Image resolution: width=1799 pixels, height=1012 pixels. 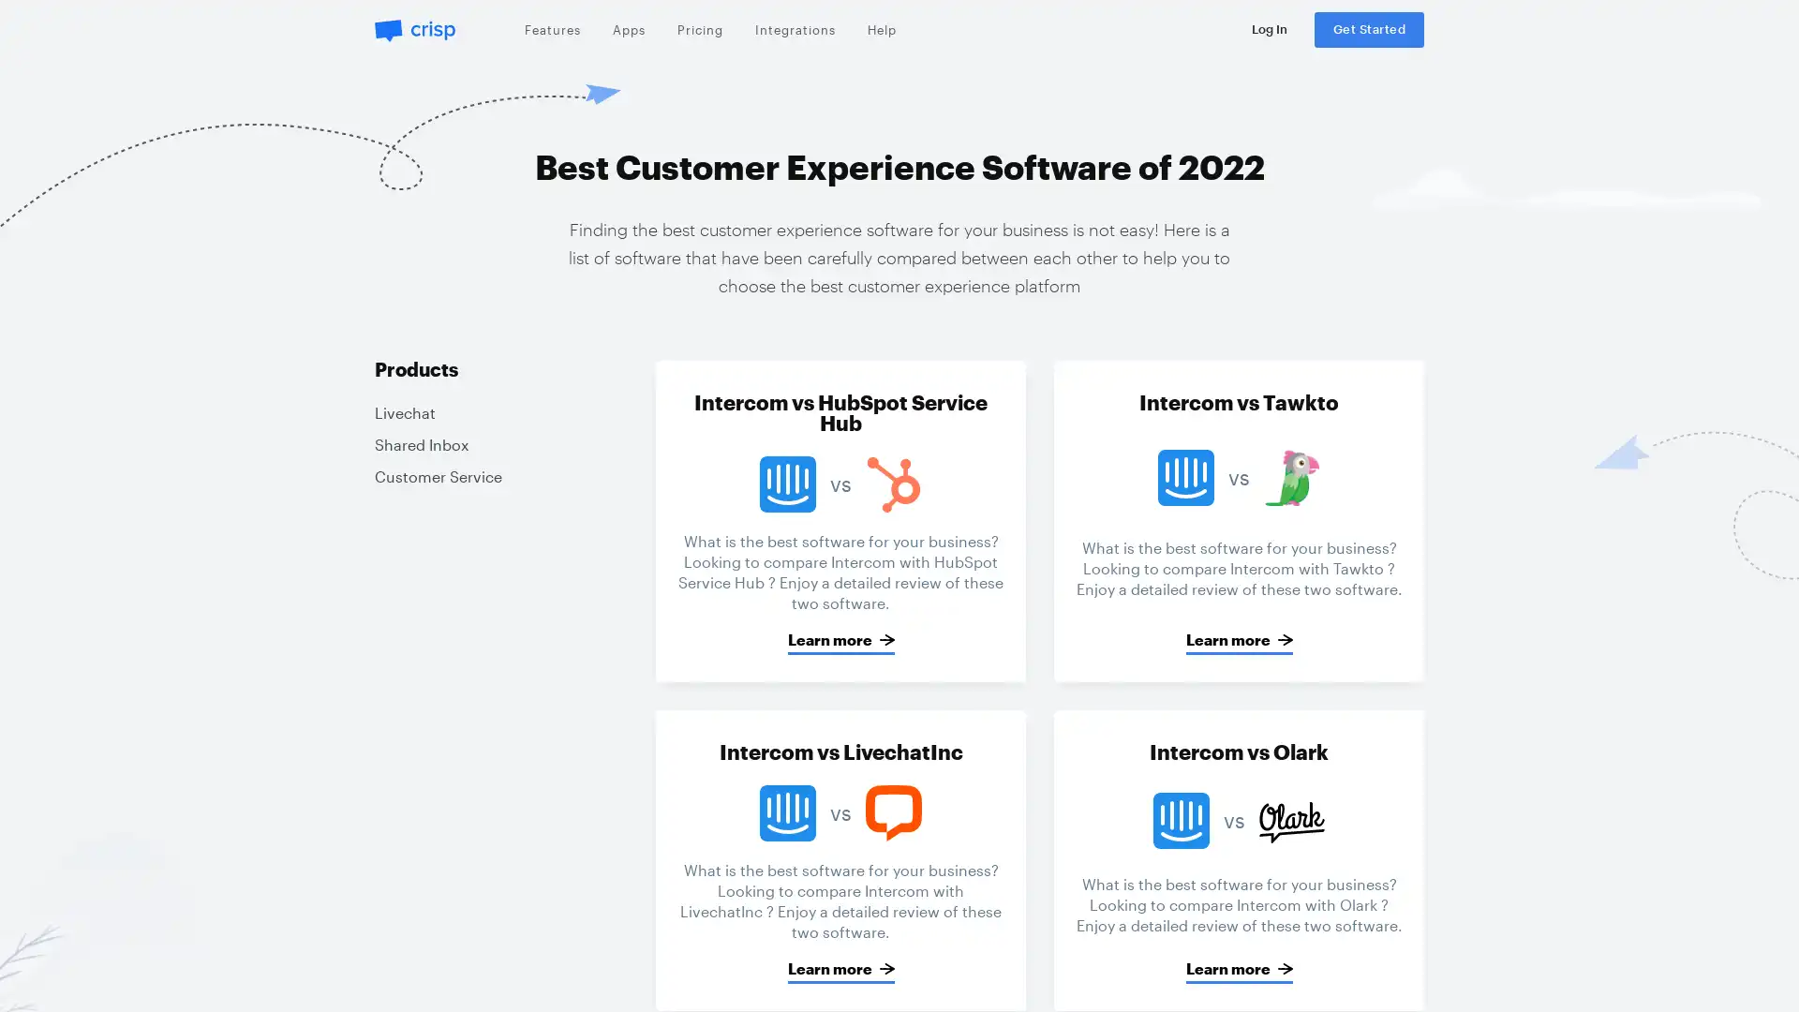 I want to click on Questions? Chat with us! Support is online. Chat with Crisp Team, so click(x=1747, y=964).